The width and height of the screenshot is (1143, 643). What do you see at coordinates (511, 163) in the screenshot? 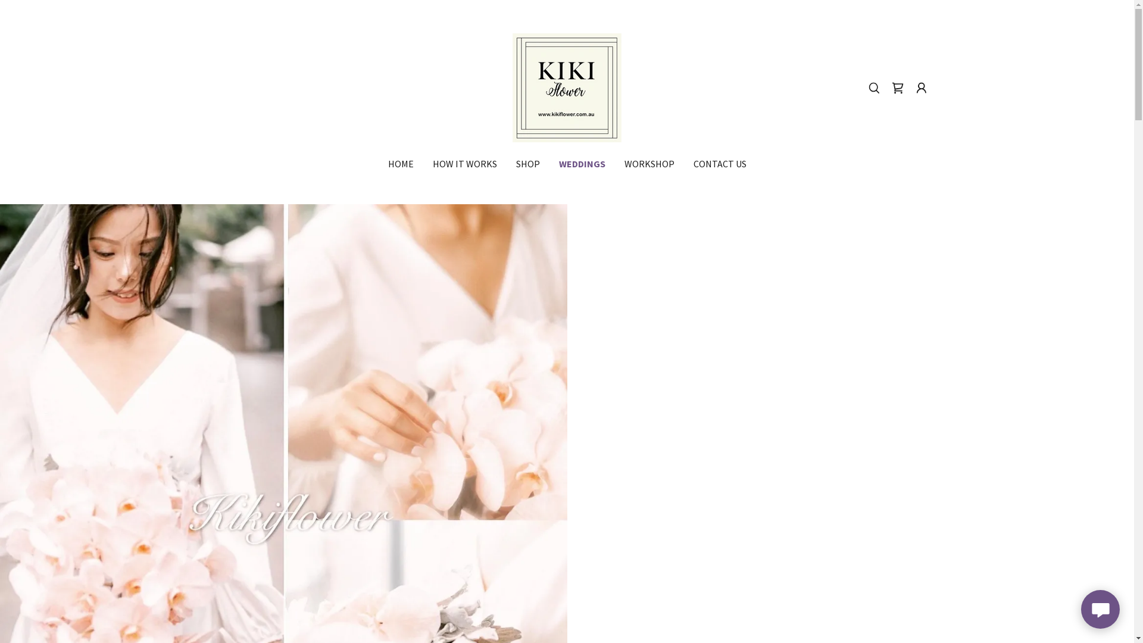
I see `'SHOP'` at bounding box center [511, 163].